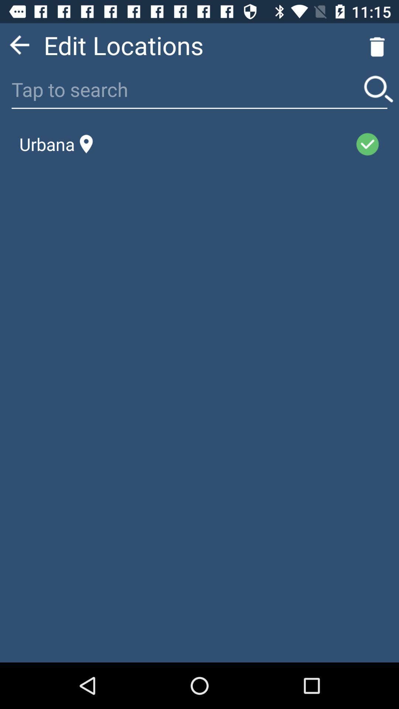 The width and height of the screenshot is (399, 709). What do you see at coordinates (19, 44) in the screenshot?
I see `the arrow_backward icon` at bounding box center [19, 44].